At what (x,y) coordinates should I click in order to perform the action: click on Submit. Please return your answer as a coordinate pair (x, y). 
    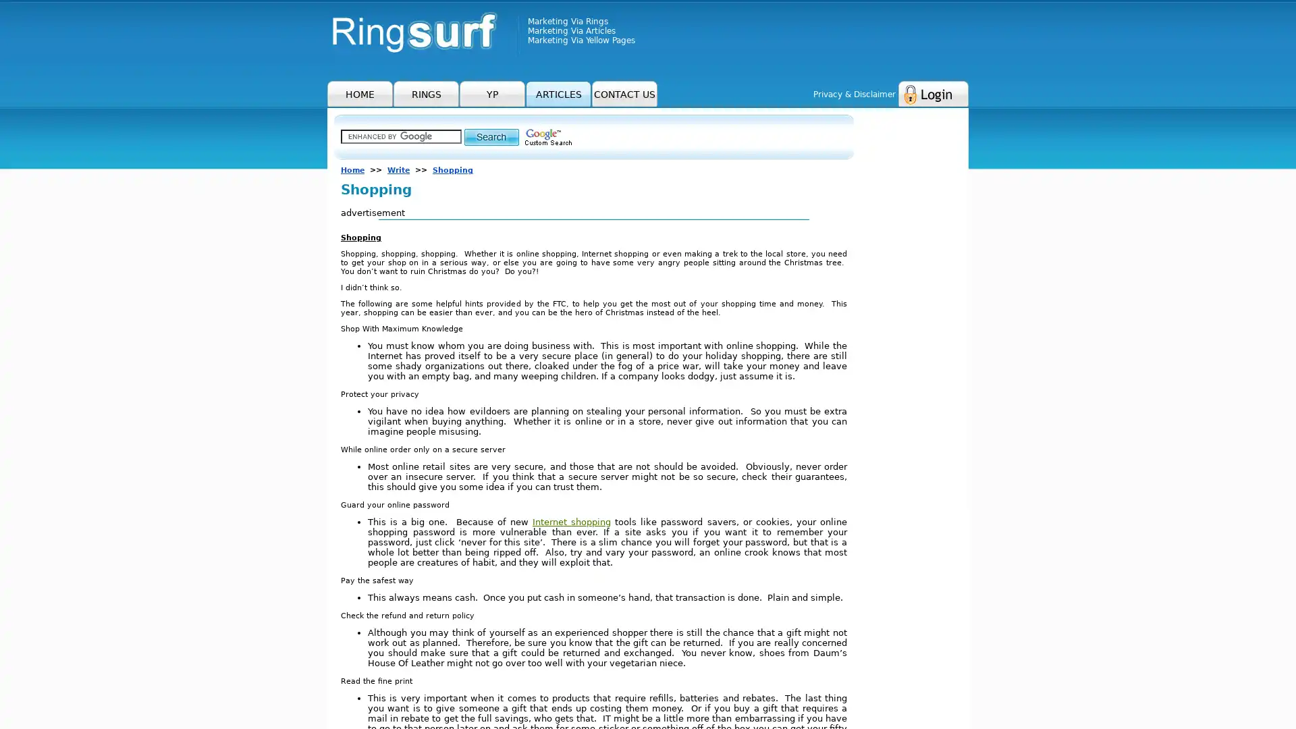
    Looking at the image, I should click on (491, 136).